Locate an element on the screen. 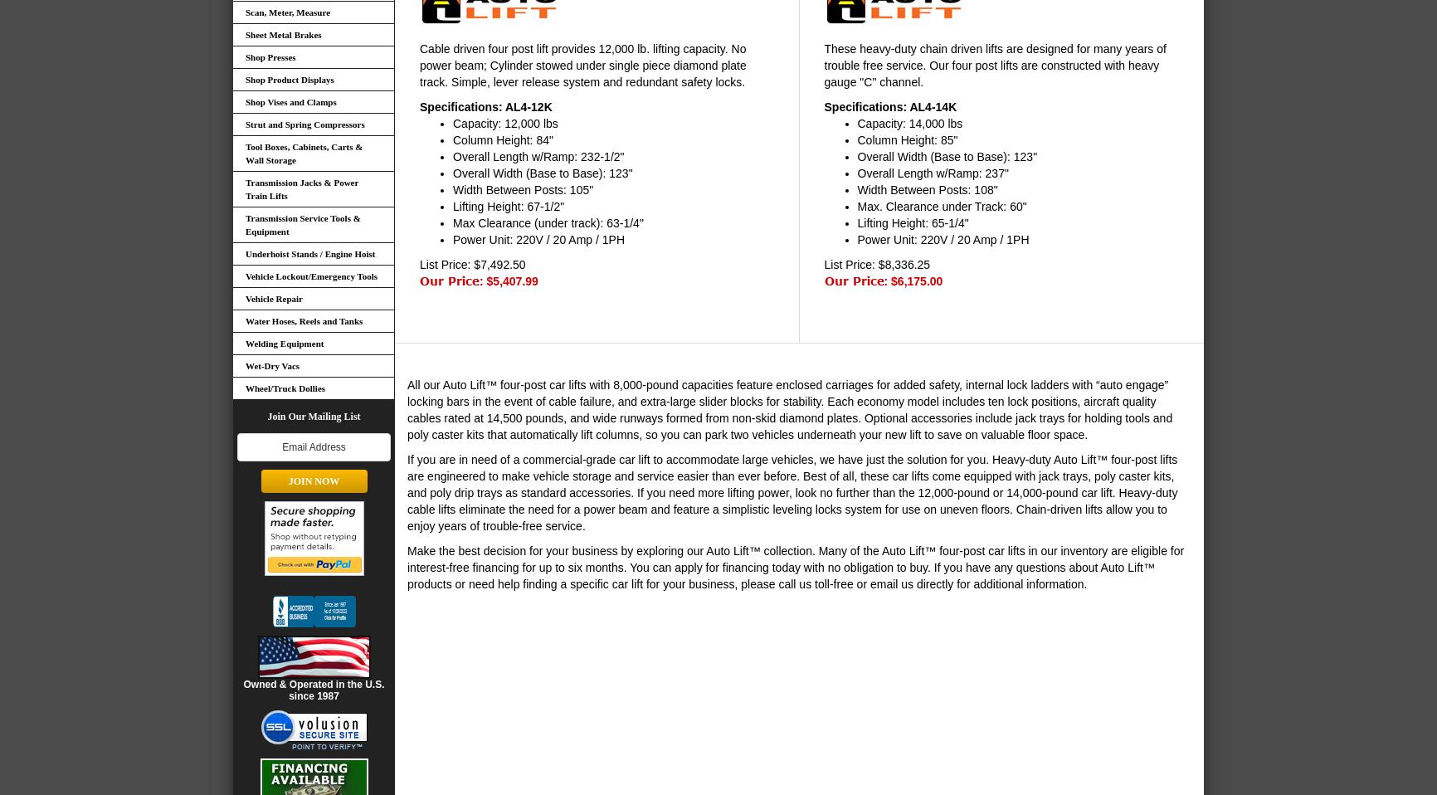 This screenshot has height=795, width=1437. 'Make the best decision for your business by exploring our Auto Lift™ collection. Many of the Auto Lift™ four-post car lifts in our inventory are eligible for interest-free financing for up to six months. You can apply for financing today with no obligation to buy. If you have any questions about Auto Lift™ products or need help finding a specific car lift for your business, please call us toll-free or email us directly for additional information.' is located at coordinates (796, 565).